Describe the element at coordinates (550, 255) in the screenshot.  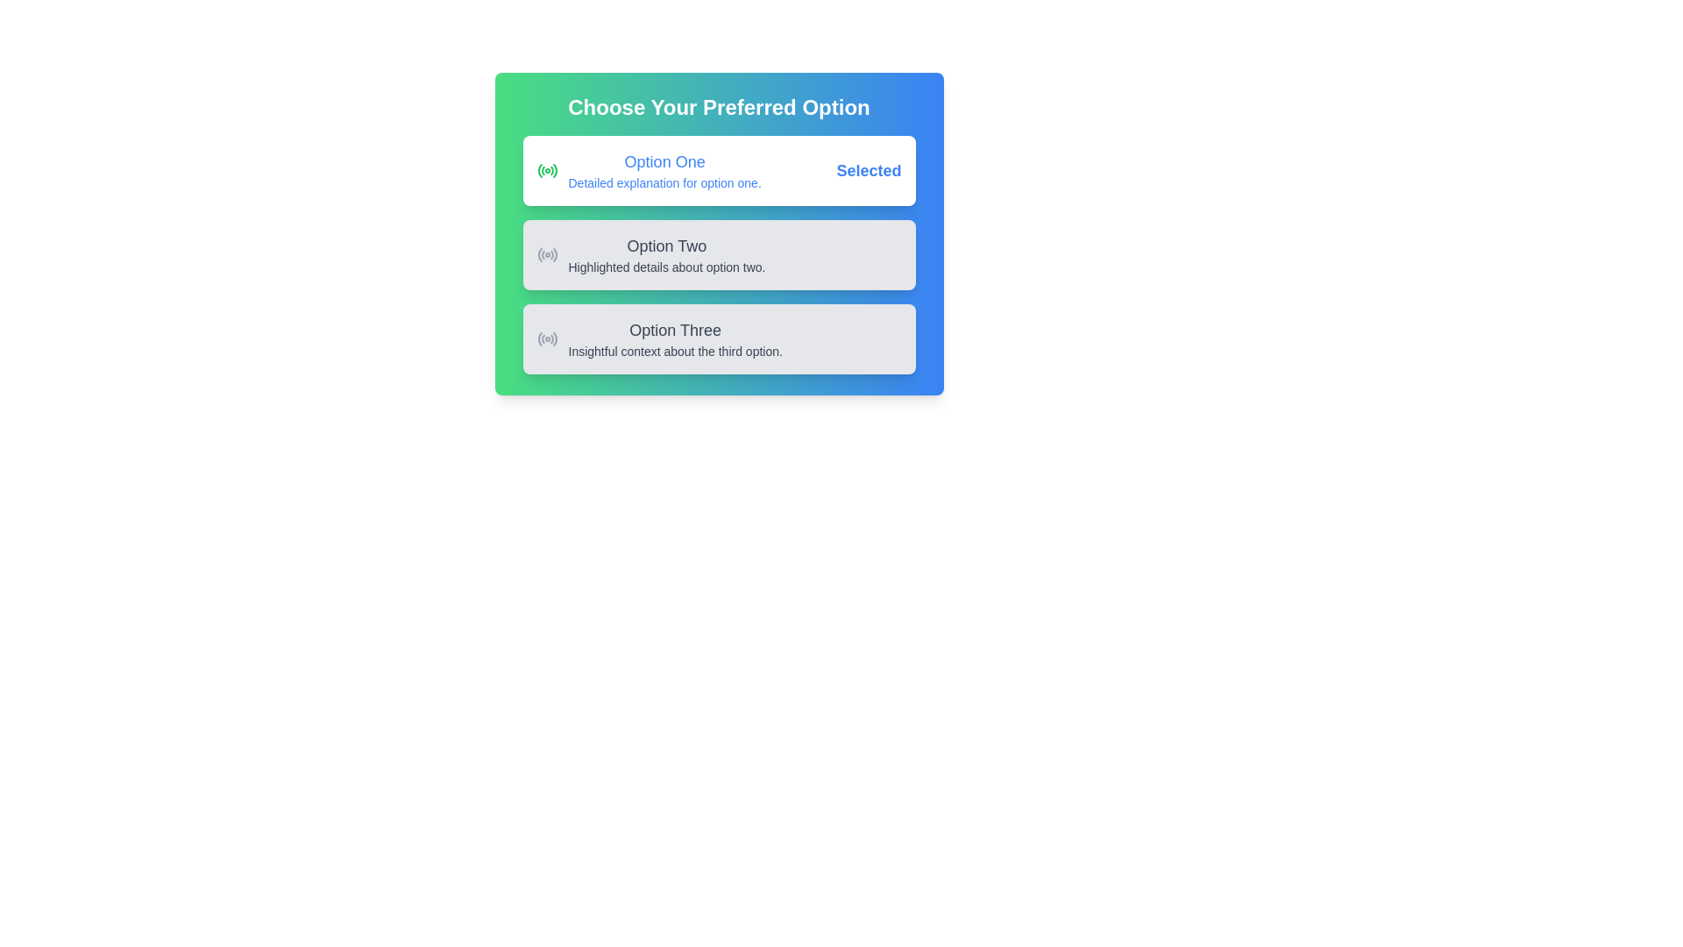
I see `the right-side arc of the second radio-like icon representing 'Option Two' in the vertical list of three` at that location.